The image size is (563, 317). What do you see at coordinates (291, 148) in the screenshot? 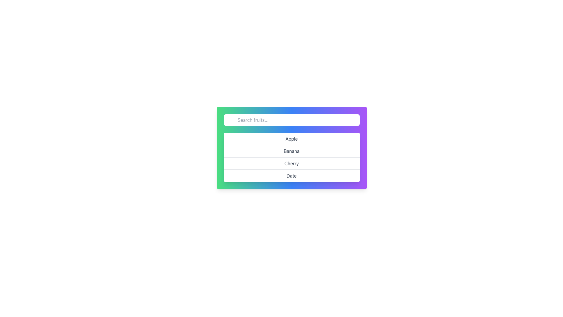
I see `the selectable text label for 'Banana'` at bounding box center [291, 148].